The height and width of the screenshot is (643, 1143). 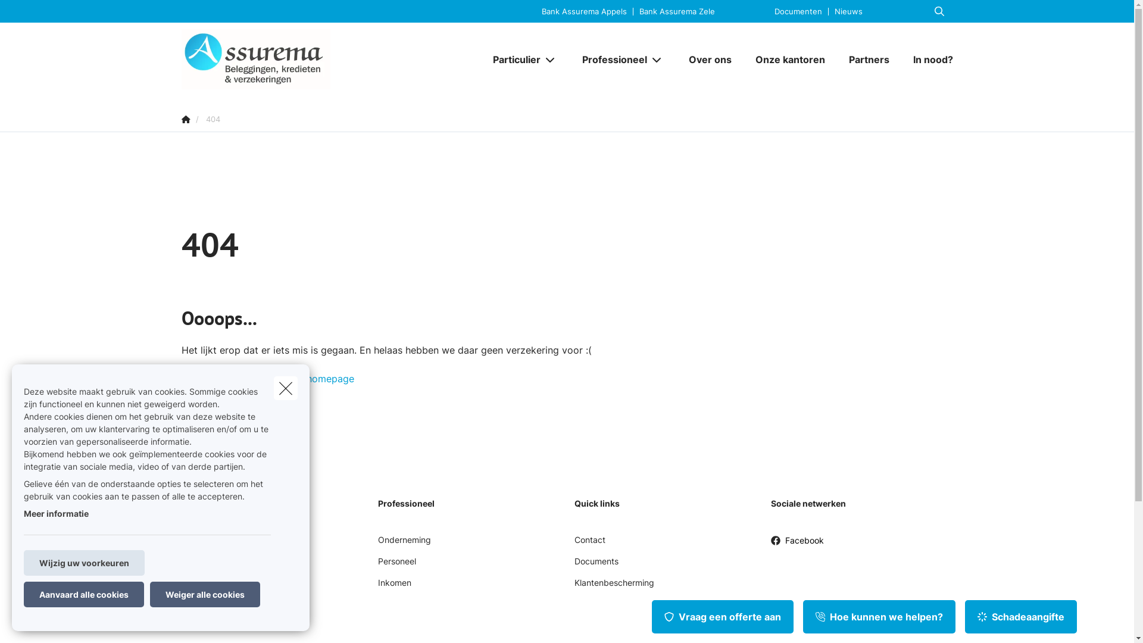 What do you see at coordinates (709, 60) in the screenshot?
I see `'Over ons'` at bounding box center [709, 60].